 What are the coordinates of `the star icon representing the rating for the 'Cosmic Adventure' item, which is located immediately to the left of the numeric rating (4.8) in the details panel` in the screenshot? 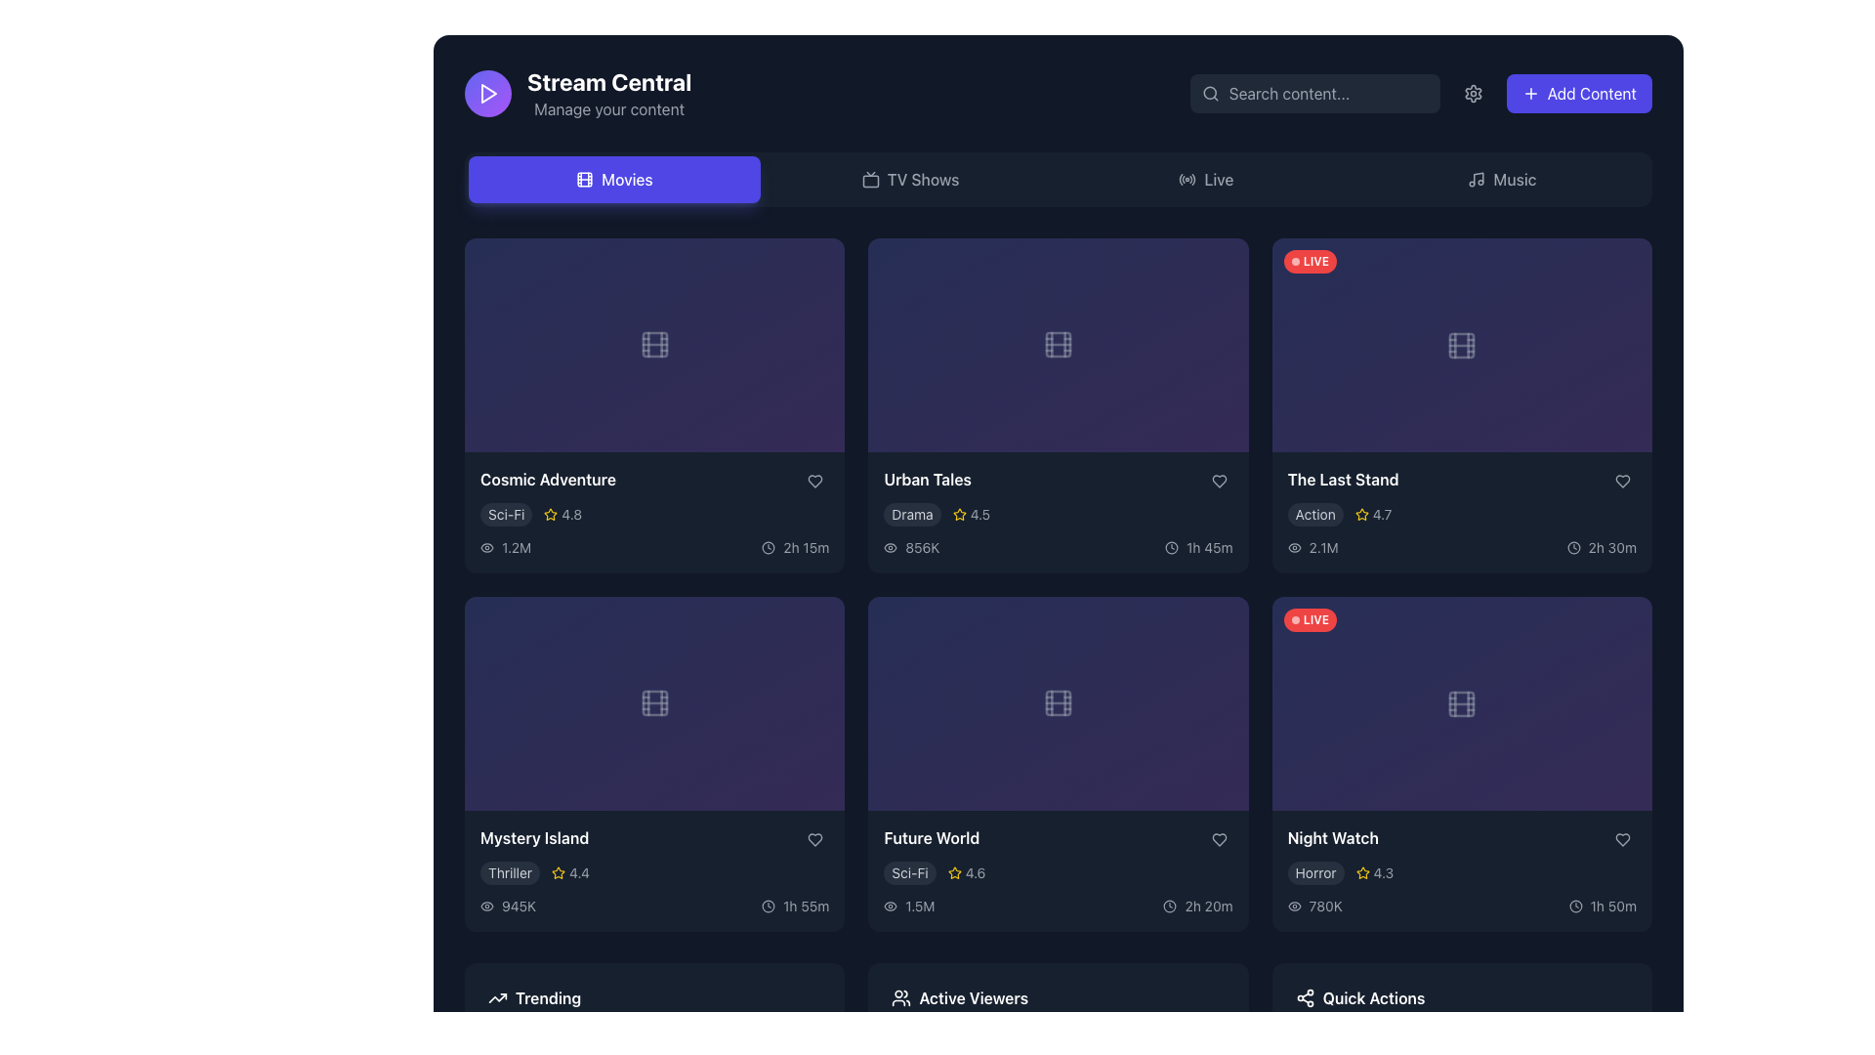 It's located at (550, 513).